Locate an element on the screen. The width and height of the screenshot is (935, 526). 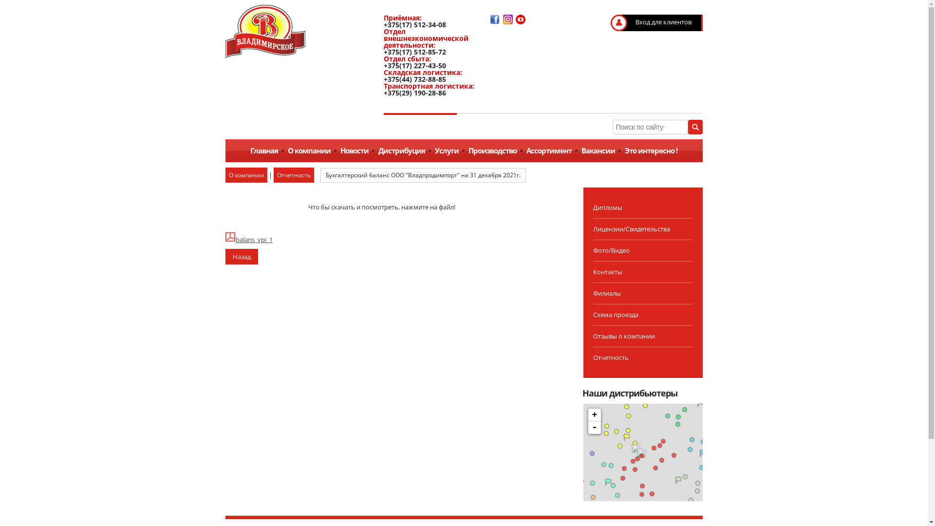
'-' is located at coordinates (594, 427).